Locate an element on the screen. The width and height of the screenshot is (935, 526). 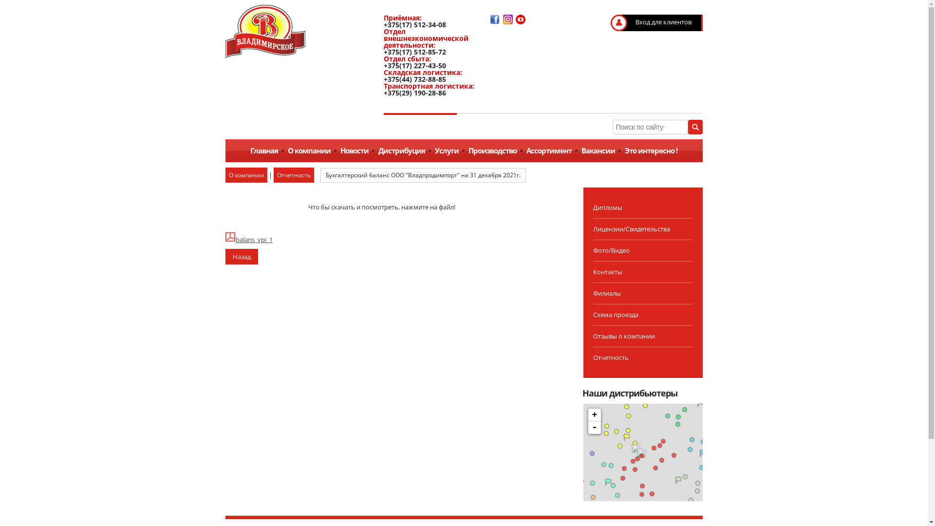
'-' is located at coordinates (594, 427).